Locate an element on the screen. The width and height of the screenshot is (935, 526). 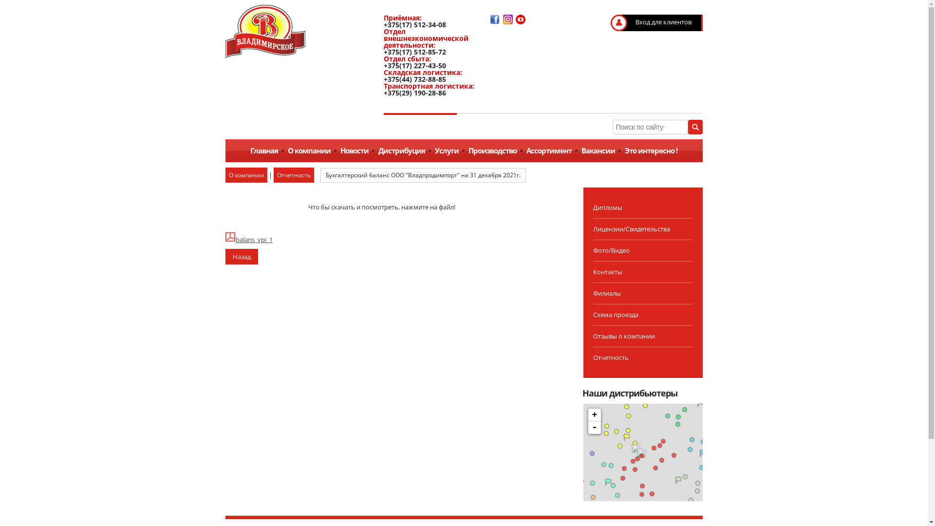
'-' is located at coordinates (594, 427).